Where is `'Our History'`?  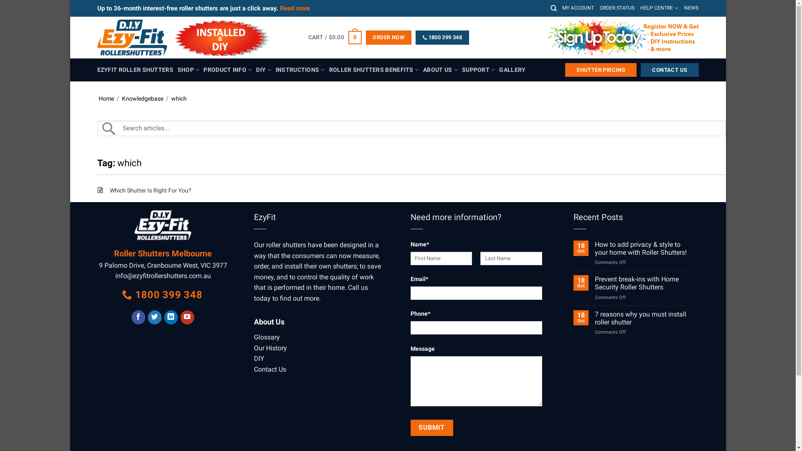
'Our History' is located at coordinates (254, 348).